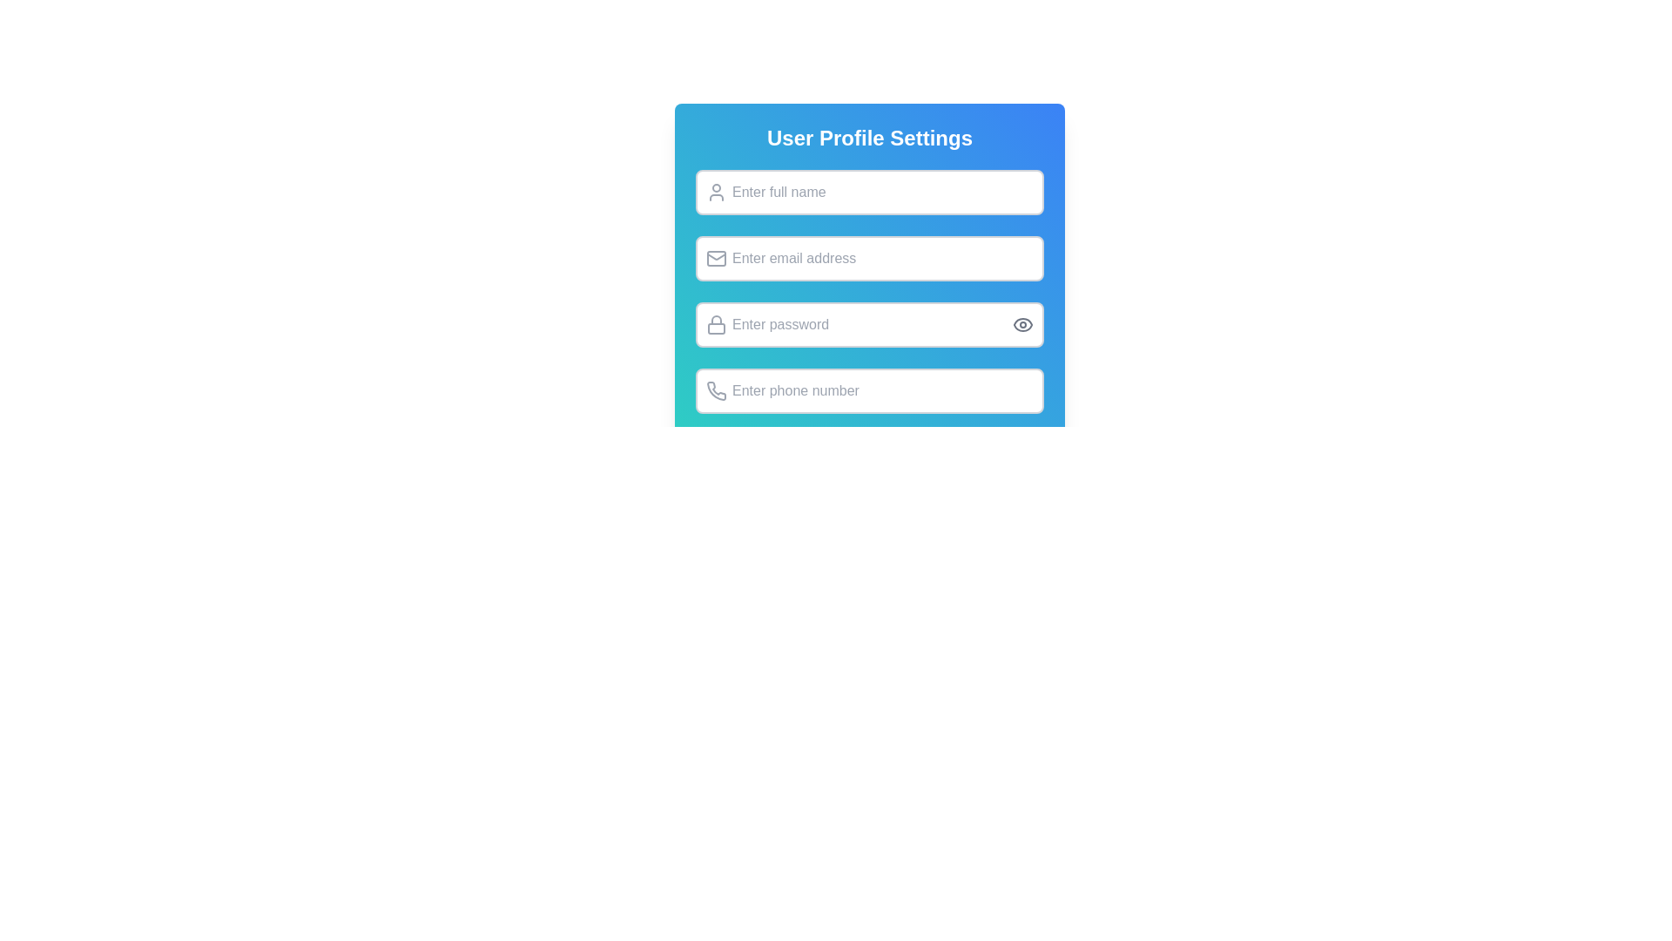 The height and width of the screenshot is (941, 1672). What do you see at coordinates (716, 192) in the screenshot?
I see `the icon located at the top-left corner of the 'Enter full name' input field, which indicates that the field requires the user's name` at bounding box center [716, 192].